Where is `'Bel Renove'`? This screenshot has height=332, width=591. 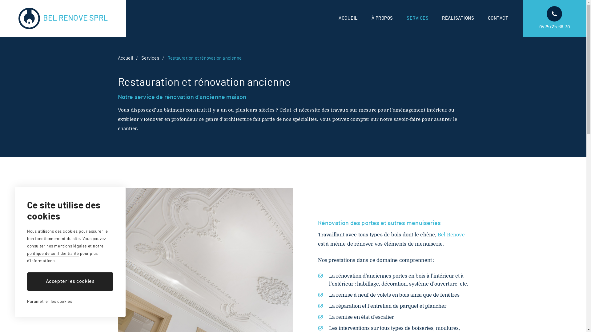
'Bel Renove' is located at coordinates (451, 235).